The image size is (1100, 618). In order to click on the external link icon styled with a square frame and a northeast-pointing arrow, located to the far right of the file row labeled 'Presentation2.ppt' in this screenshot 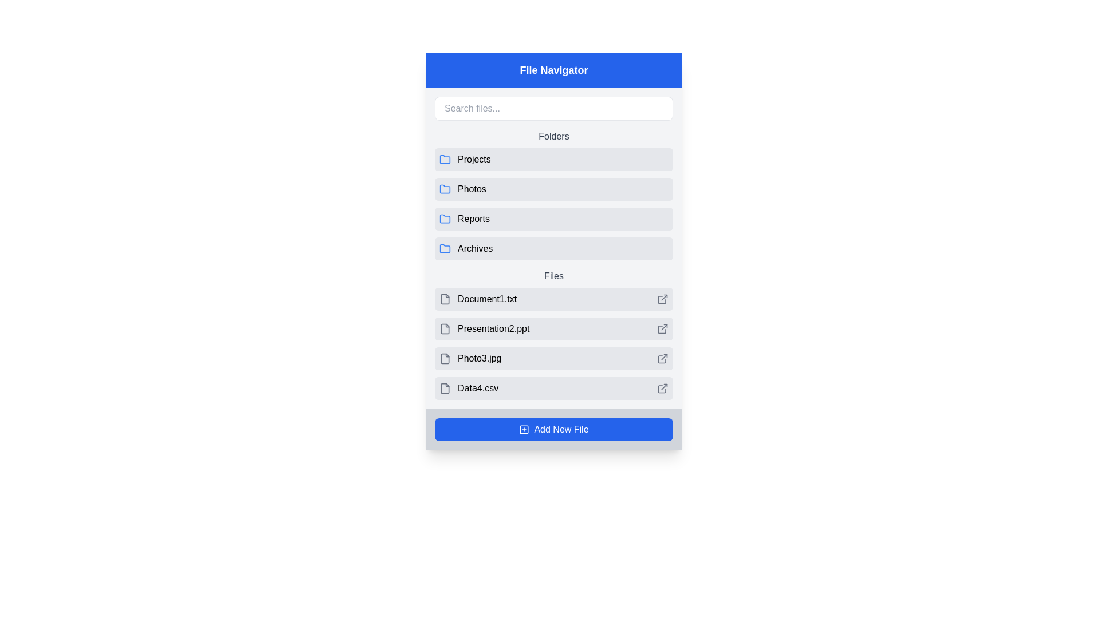, I will do `click(662, 328)`.